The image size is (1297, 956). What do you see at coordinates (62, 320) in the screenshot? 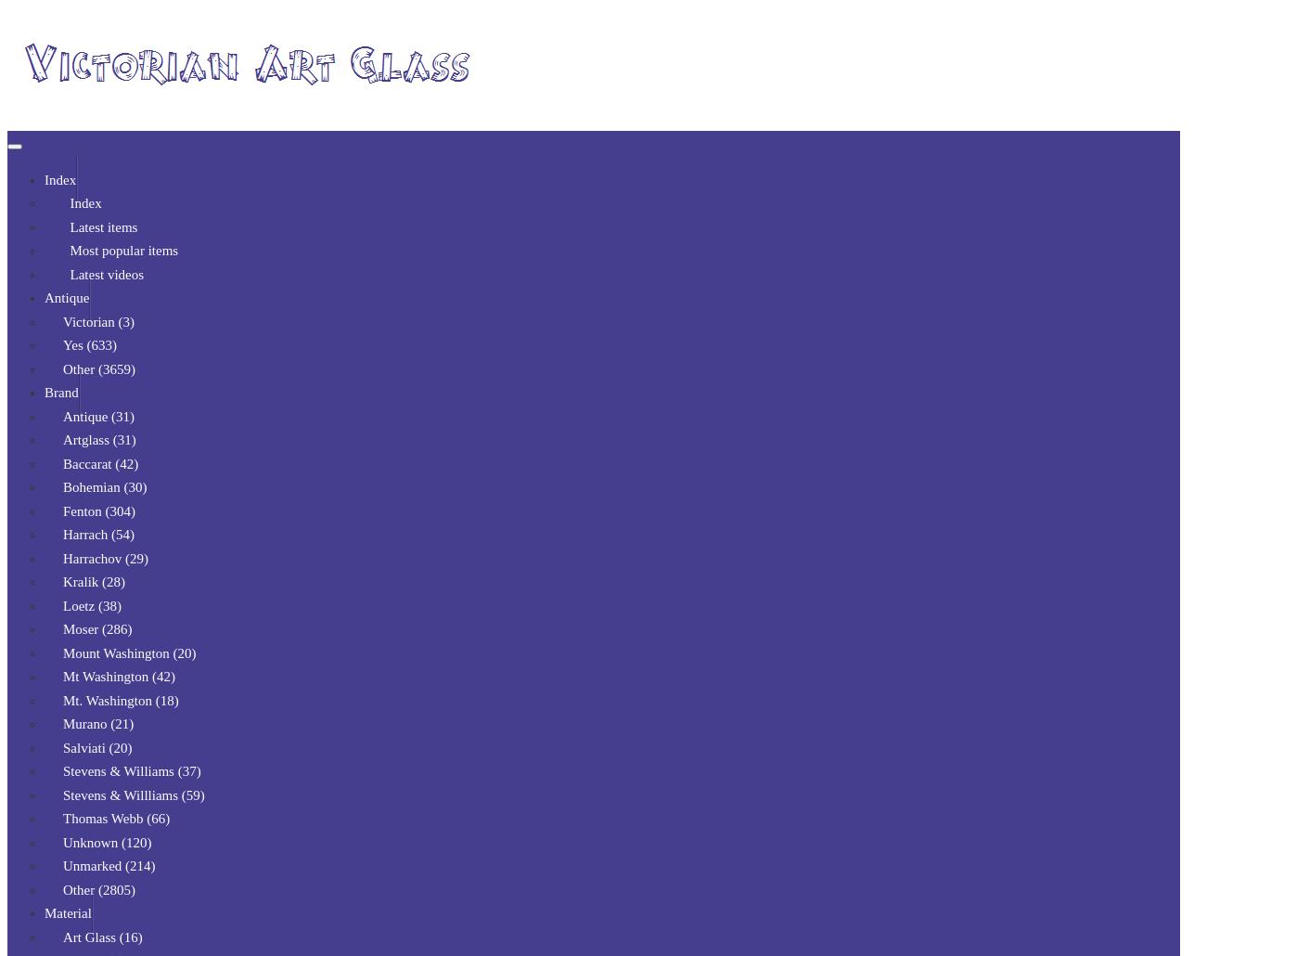
I see `'Victorian (3)'` at bounding box center [62, 320].